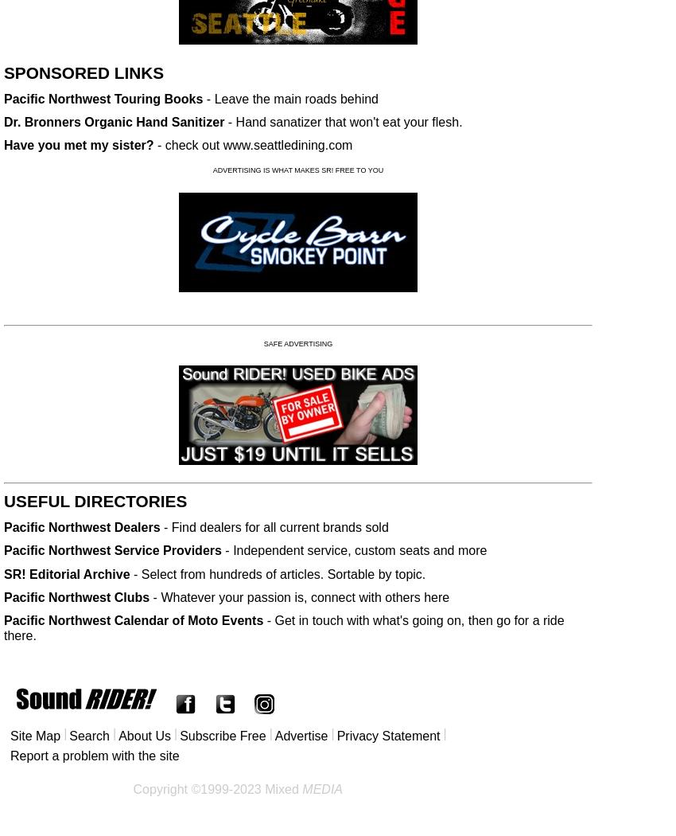  What do you see at coordinates (133, 620) in the screenshot?
I see `'Pacific Northwest Calendar of Moto Events'` at bounding box center [133, 620].